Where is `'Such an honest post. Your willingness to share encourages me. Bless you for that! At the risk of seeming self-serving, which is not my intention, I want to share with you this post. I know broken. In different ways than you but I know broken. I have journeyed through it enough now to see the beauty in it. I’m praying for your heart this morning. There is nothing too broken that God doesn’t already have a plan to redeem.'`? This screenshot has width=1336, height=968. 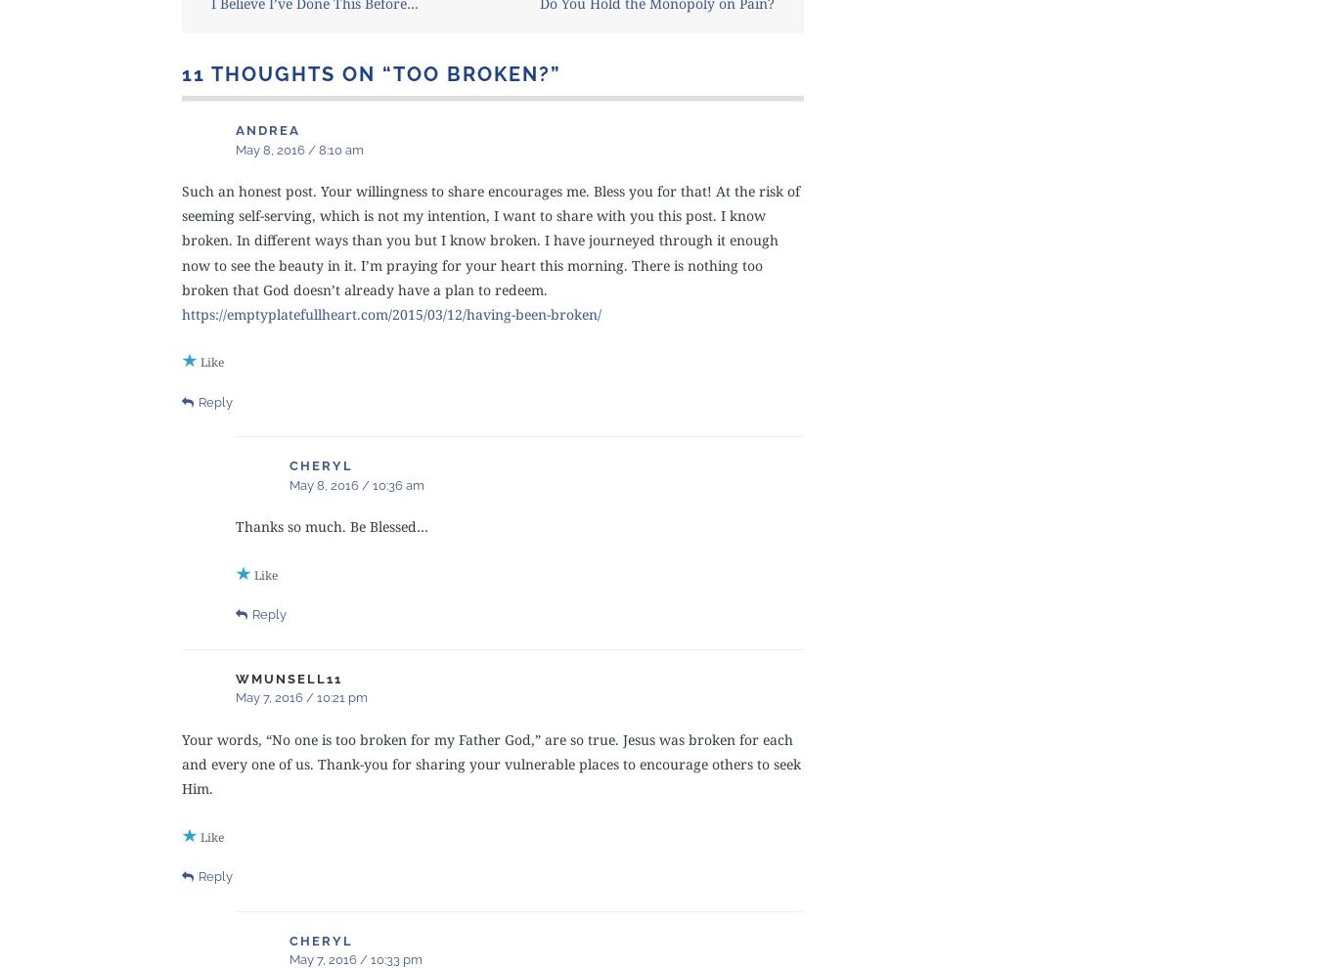 'Such an honest post. Your willingness to share encourages me. Bless you for that! At the risk of seeming self-serving, which is not my intention, I want to share with you this post. I know broken. In different ways than you but I know broken. I have journeyed through it enough now to see the beauty in it. I’m praying for your heart this morning. There is nothing too broken that God doesn’t already have a plan to redeem.' is located at coordinates (491, 239).